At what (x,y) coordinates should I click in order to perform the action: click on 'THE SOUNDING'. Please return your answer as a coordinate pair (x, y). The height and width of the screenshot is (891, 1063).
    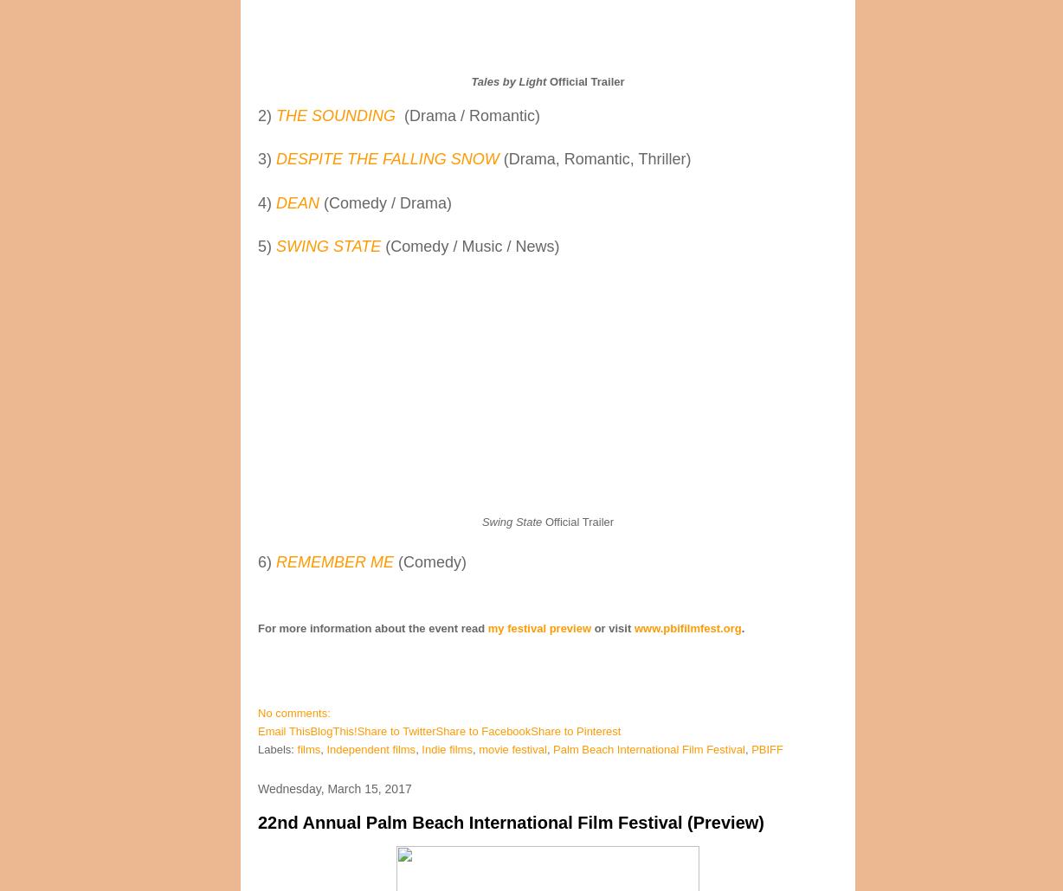
    Looking at the image, I should click on (276, 115).